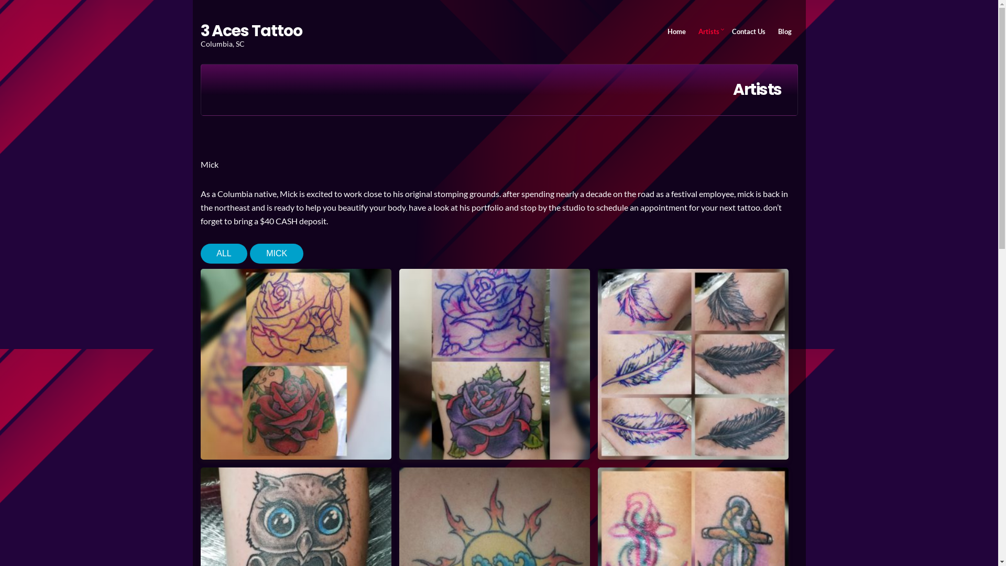 The height and width of the screenshot is (566, 1006). What do you see at coordinates (708, 31) in the screenshot?
I see `'Artists'` at bounding box center [708, 31].